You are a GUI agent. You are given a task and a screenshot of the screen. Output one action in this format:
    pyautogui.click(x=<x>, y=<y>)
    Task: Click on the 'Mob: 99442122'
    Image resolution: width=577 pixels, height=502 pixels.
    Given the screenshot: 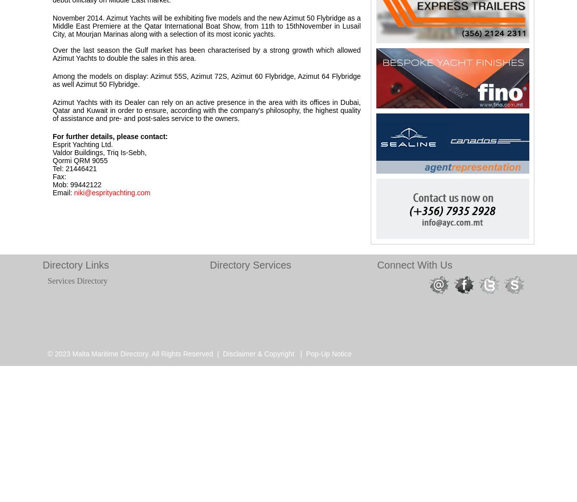 What is the action you would take?
    pyautogui.click(x=76, y=184)
    